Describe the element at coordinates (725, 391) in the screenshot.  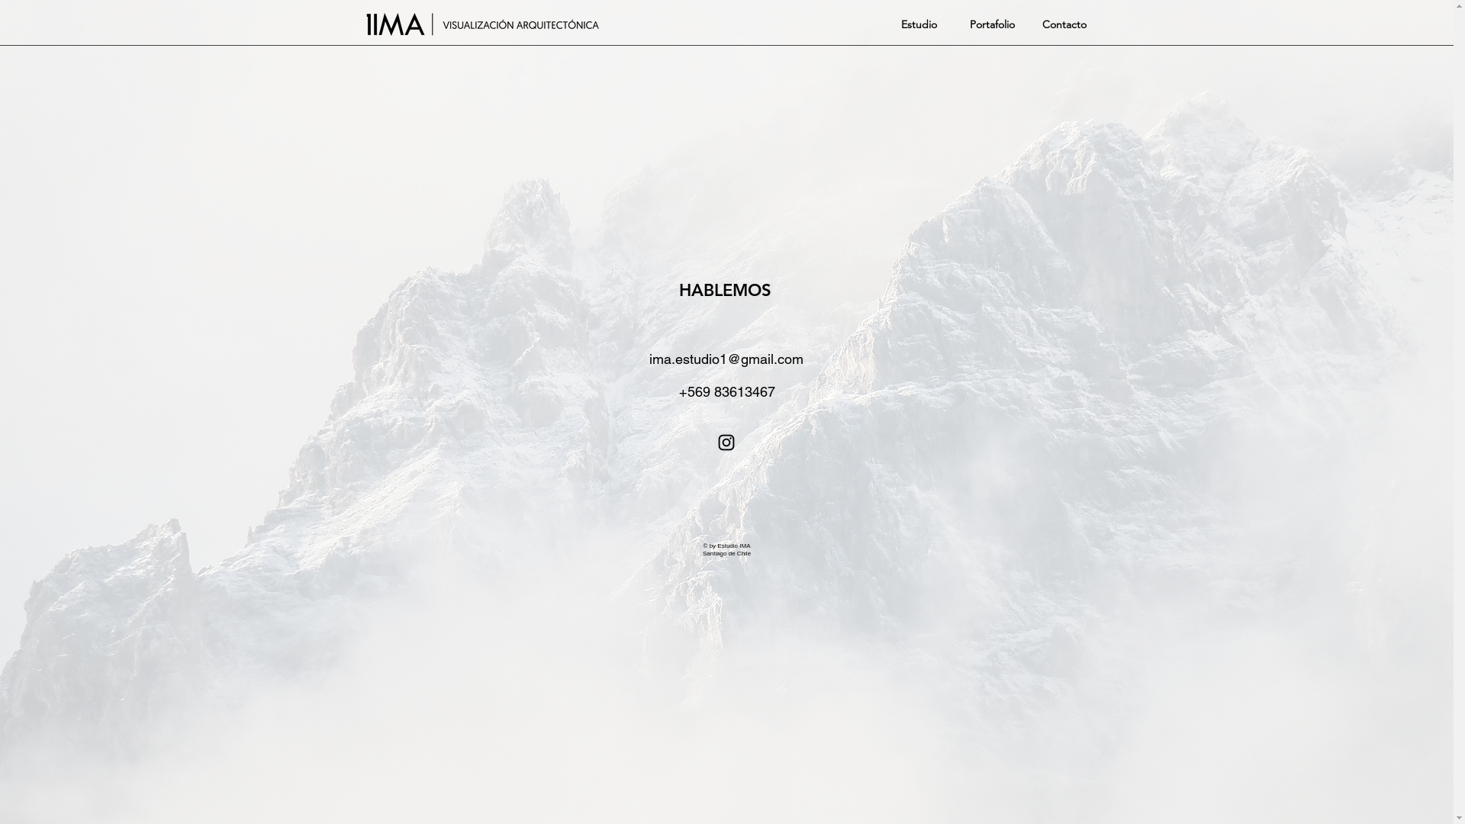
I see `'+569 83613467'` at that location.